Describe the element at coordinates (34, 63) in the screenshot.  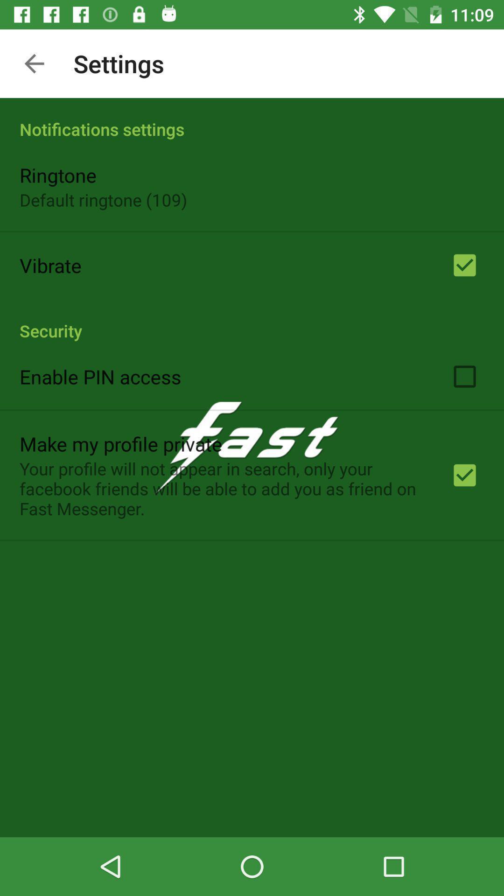
I see `the icon next to the settings item` at that location.